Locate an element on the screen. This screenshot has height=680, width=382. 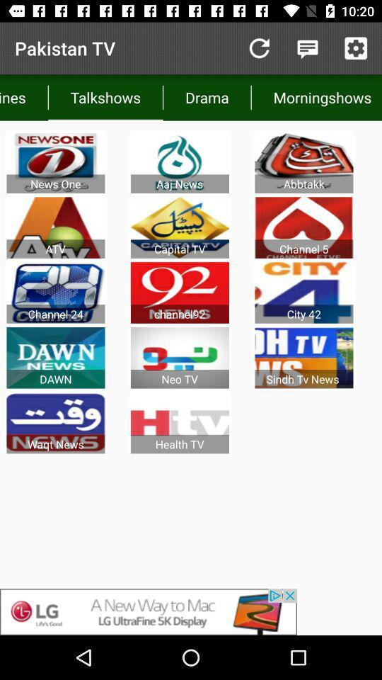
refresh is located at coordinates (258, 48).